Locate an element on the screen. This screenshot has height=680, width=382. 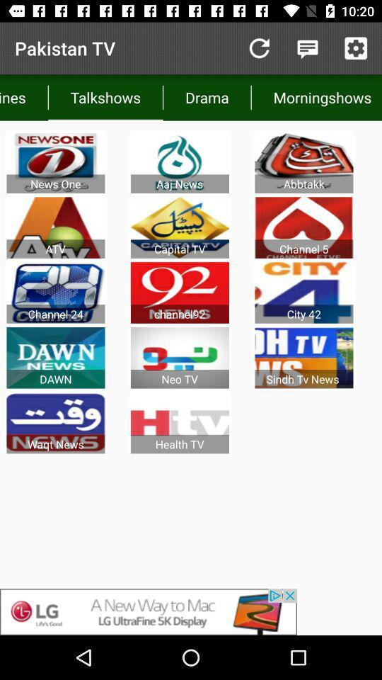
refresh is located at coordinates (258, 48).